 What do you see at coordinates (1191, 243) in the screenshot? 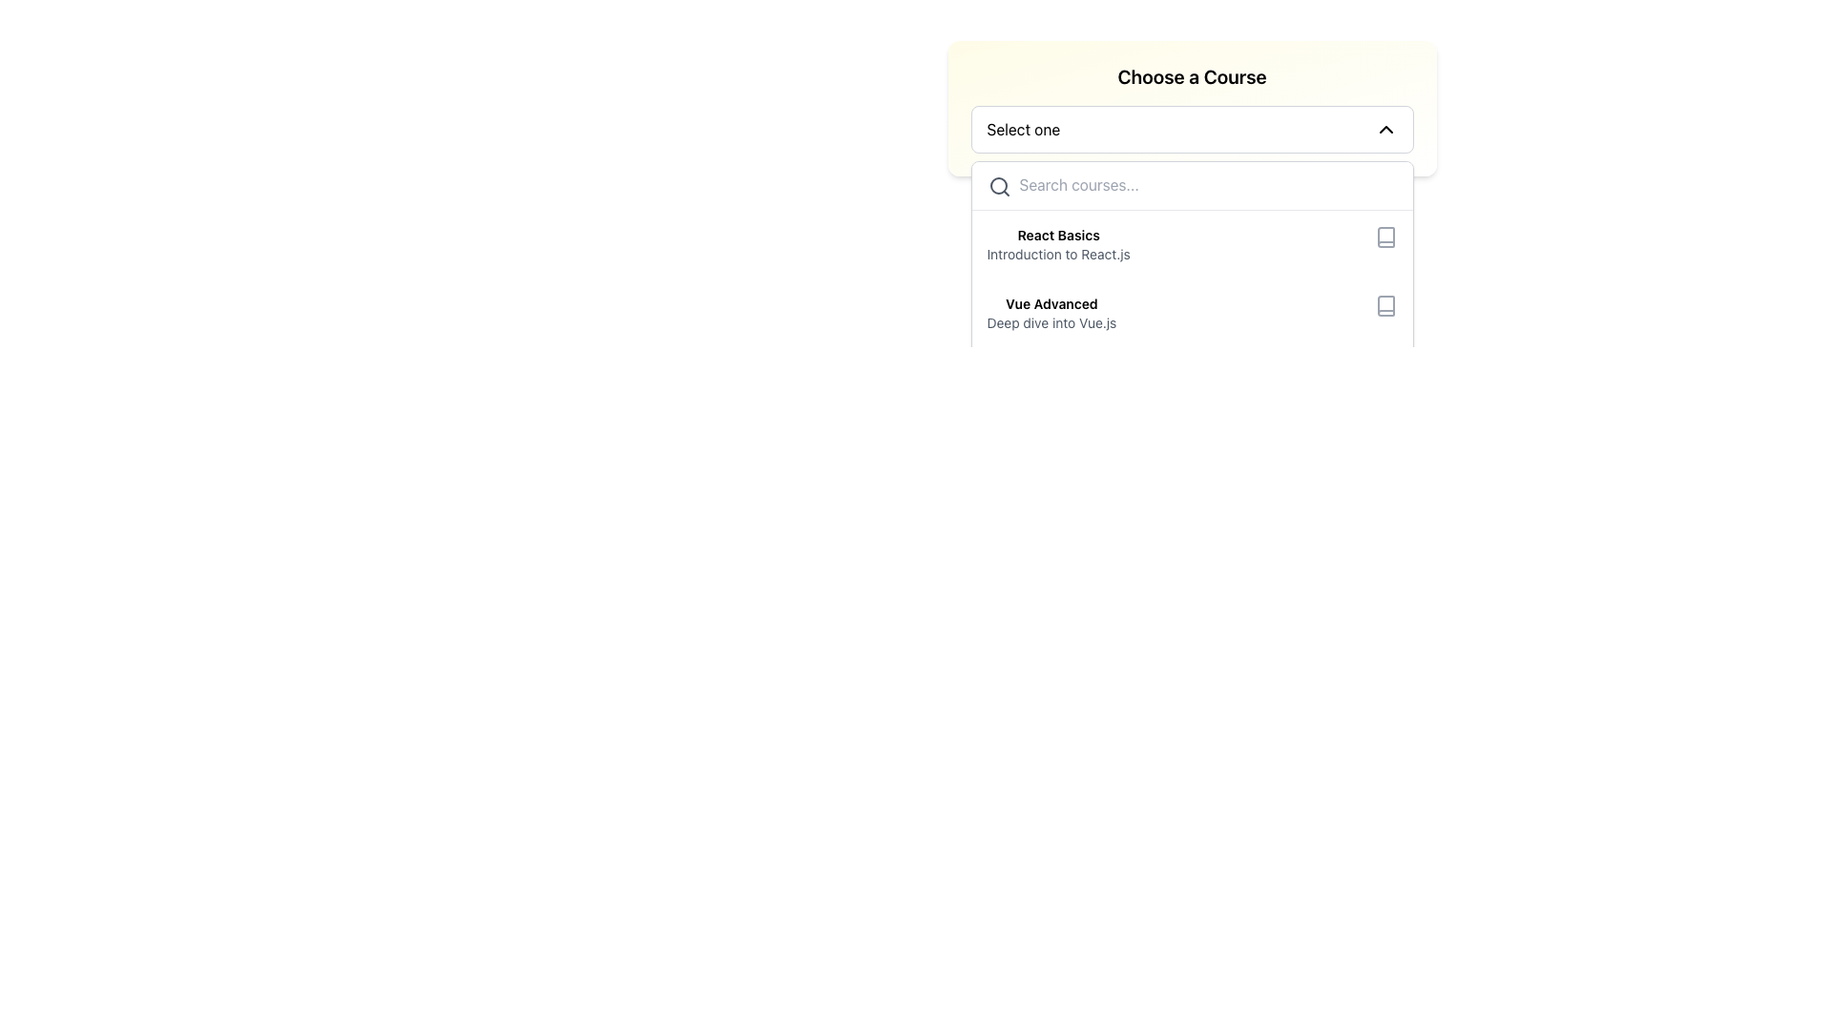
I see `the first selectable course option in the list` at bounding box center [1191, 243].